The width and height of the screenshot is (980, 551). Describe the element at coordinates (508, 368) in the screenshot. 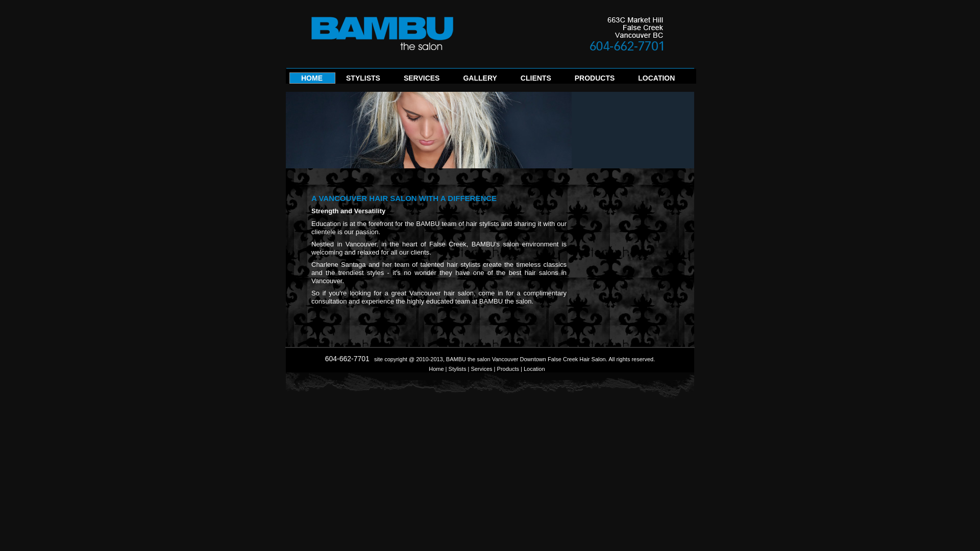

I see `'Products'` at that location.